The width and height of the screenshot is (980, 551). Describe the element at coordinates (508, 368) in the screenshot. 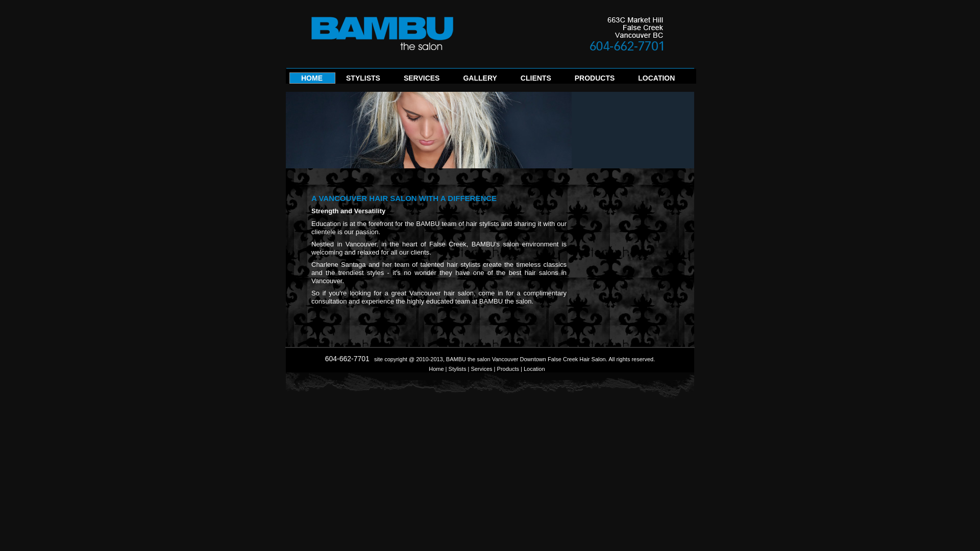

I see `'Products'` at that location.